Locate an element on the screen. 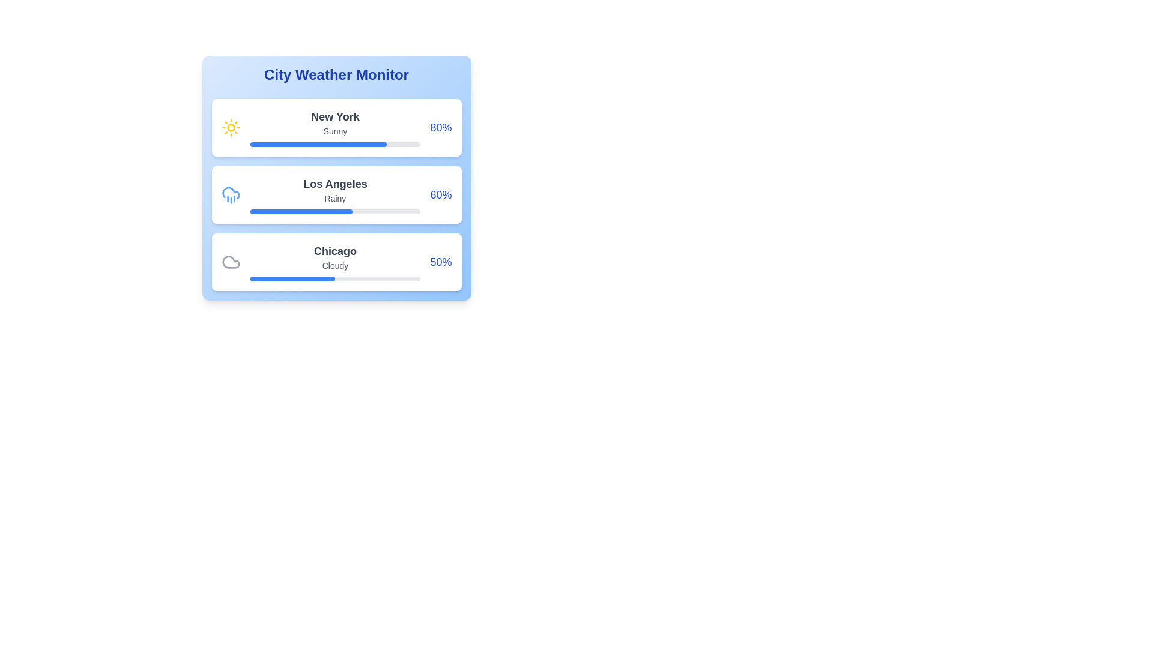 This screenshot has height=648, width=1153. text from the Label that identifies the city name 'Los Angeles', which is centrally located above the text labeled 'Rainy' within the weather information card is located at coordinates (335, 184).